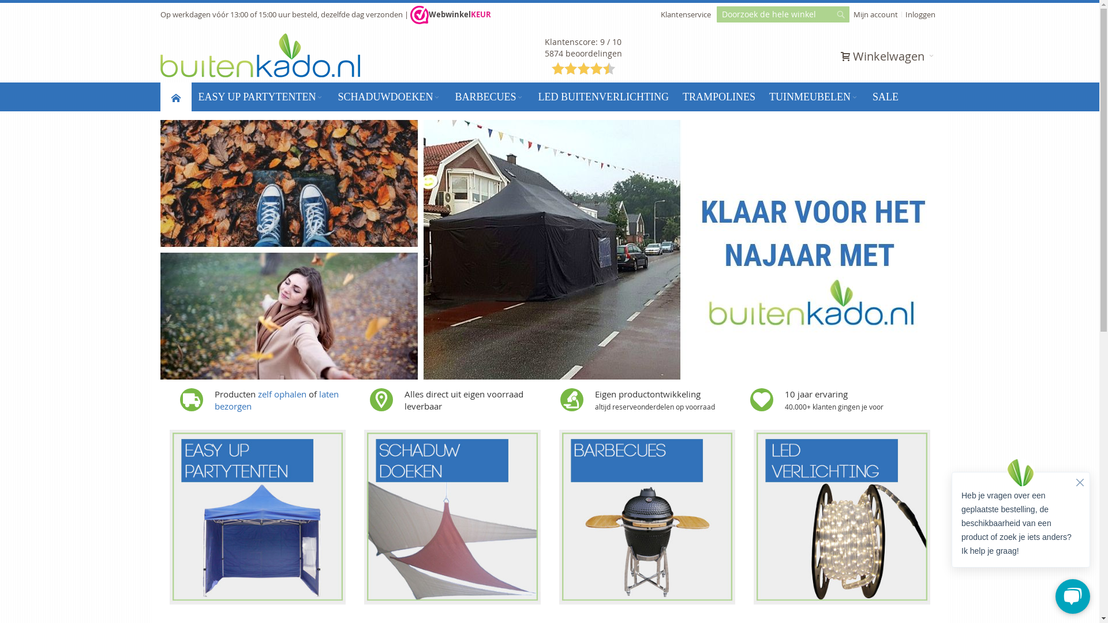  What do you see at coordinates (813, 96) in the screenshot?
I see `'TUINMEUBELEN'` at bounding box center [813, 96].